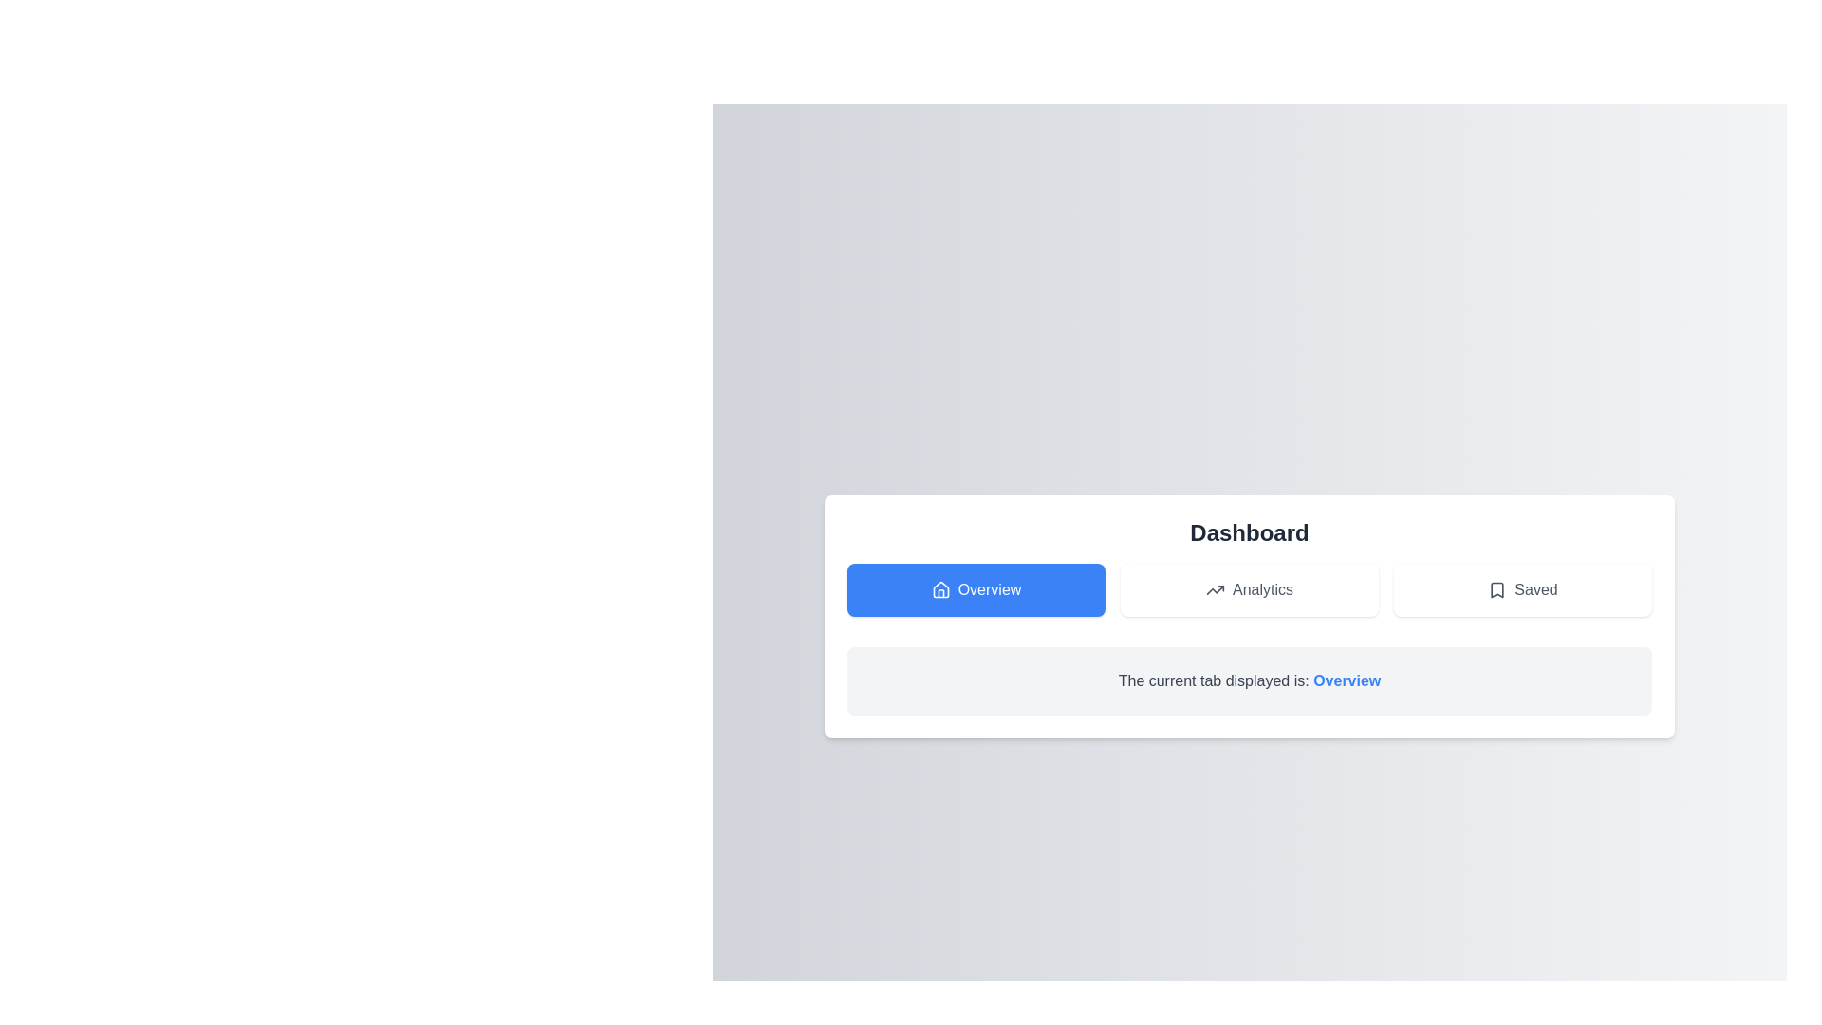  What do you see at coordinates (1497, 588) in the screenshot?
I see `the 'Saved' icon, which indicates the 'Saved' function of the button, located centrally within the 'Saved' button to the right of the 'Analytics' button and below the 'Dashboard' heading` at bounding box center [1497, 588].